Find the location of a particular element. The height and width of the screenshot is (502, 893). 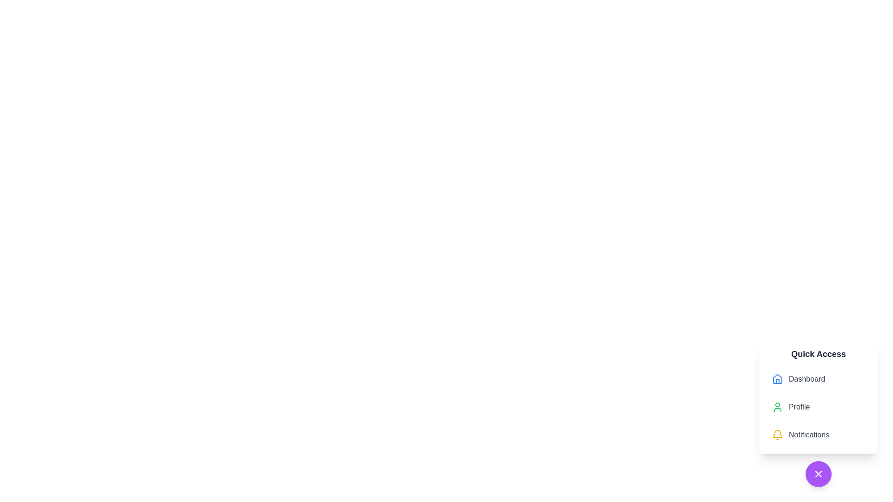

the bell icon located in the third item of the vertical list under the 'Quick Access' section is located at coordinates (777, 435).